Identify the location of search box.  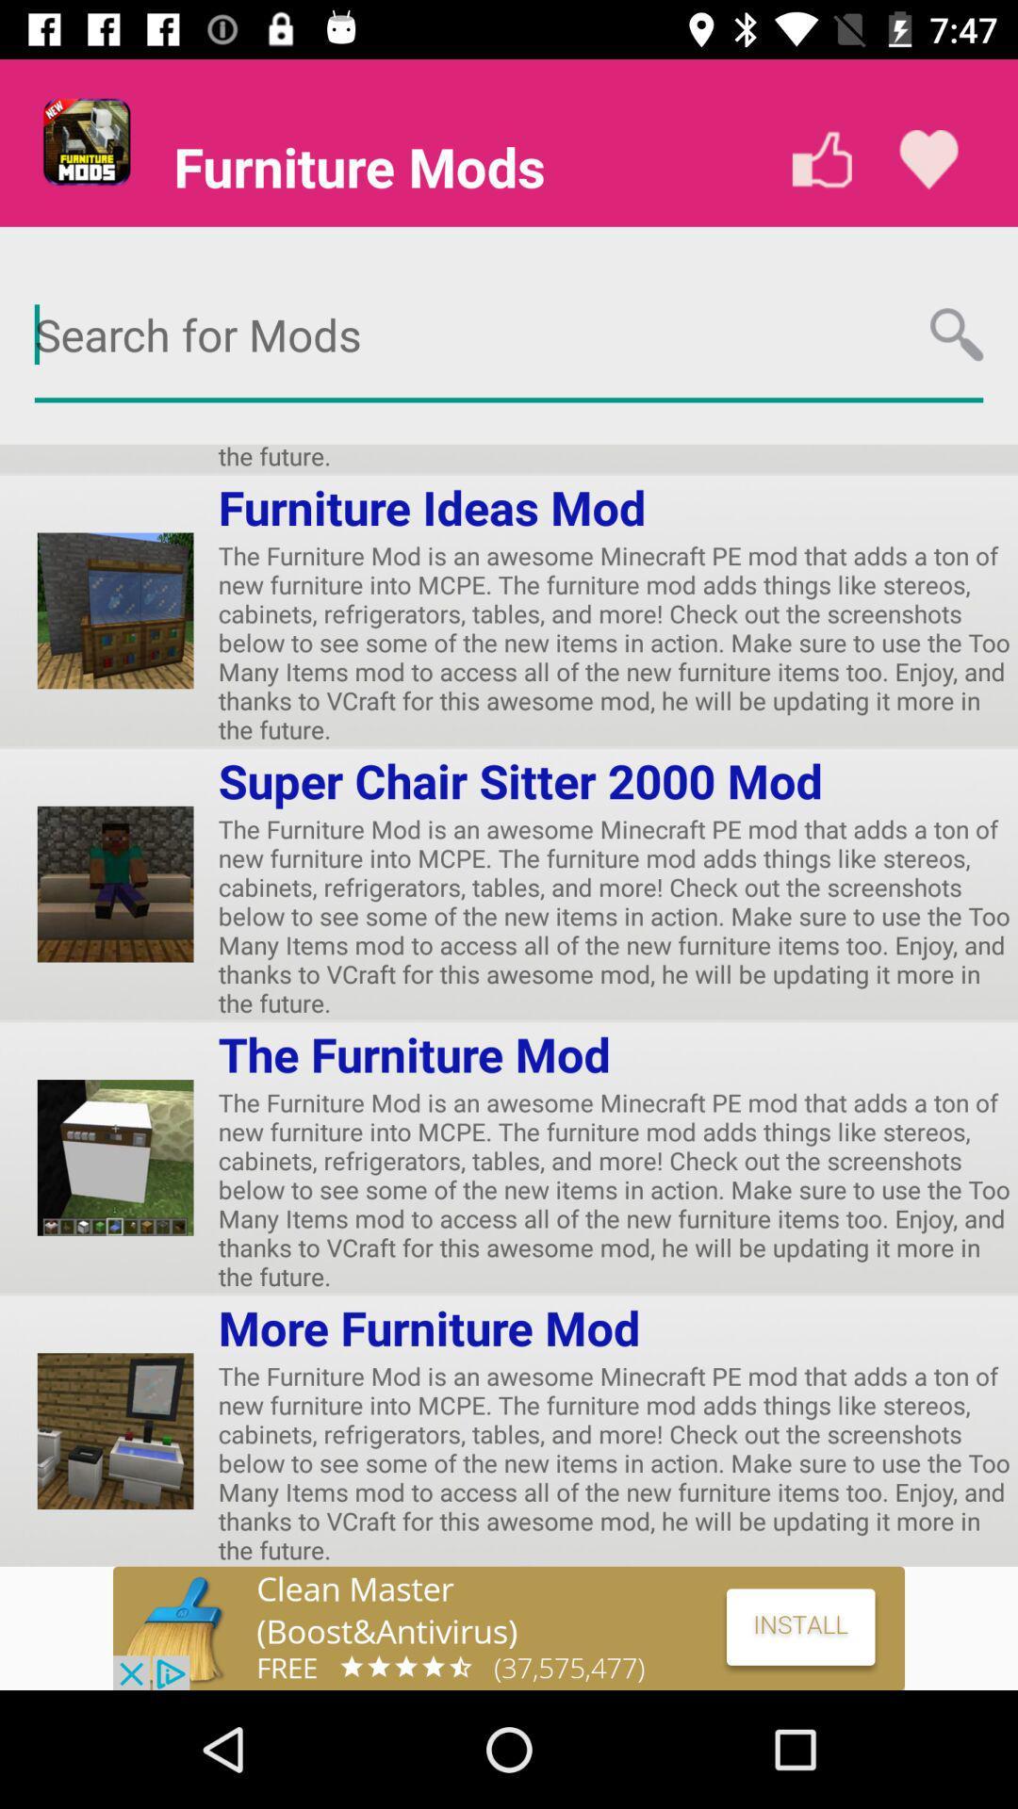
(509, 335).